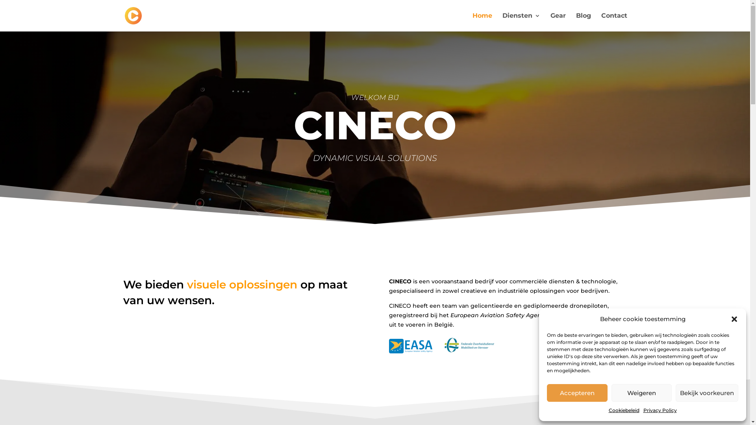 This screenshot has width=756, height=425. What do you see at coordinates (613, 22) in the screenshot?
I see `'Contact'` at bounding box center [613, 22].